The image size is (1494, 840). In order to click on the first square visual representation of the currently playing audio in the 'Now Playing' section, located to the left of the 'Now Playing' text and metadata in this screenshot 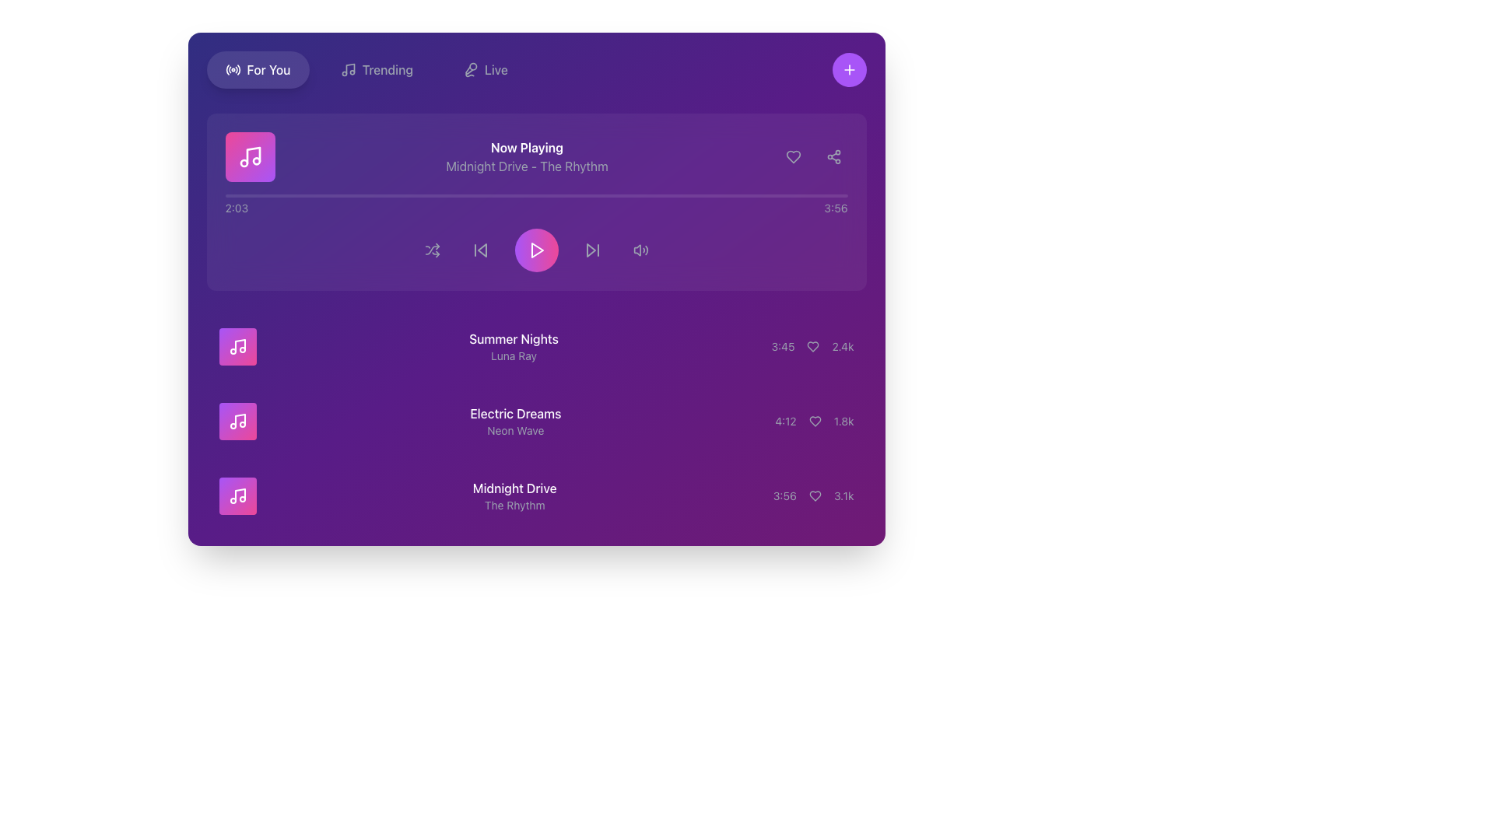, I will do `click(250, 156)`.